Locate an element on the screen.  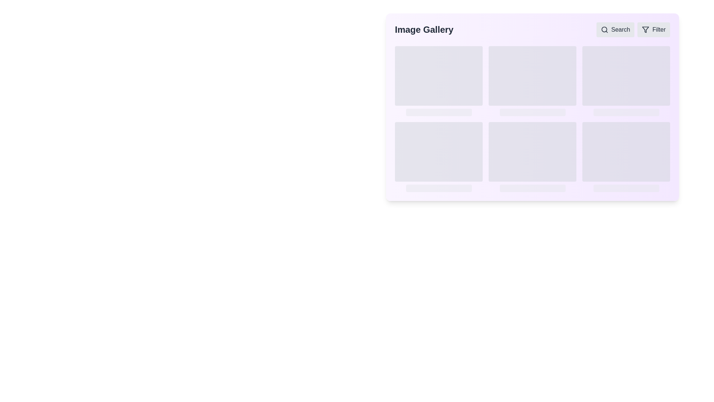
the search icon located within the 'Search' button in the top-right corner of the interface is located at coordinates (604, 29).